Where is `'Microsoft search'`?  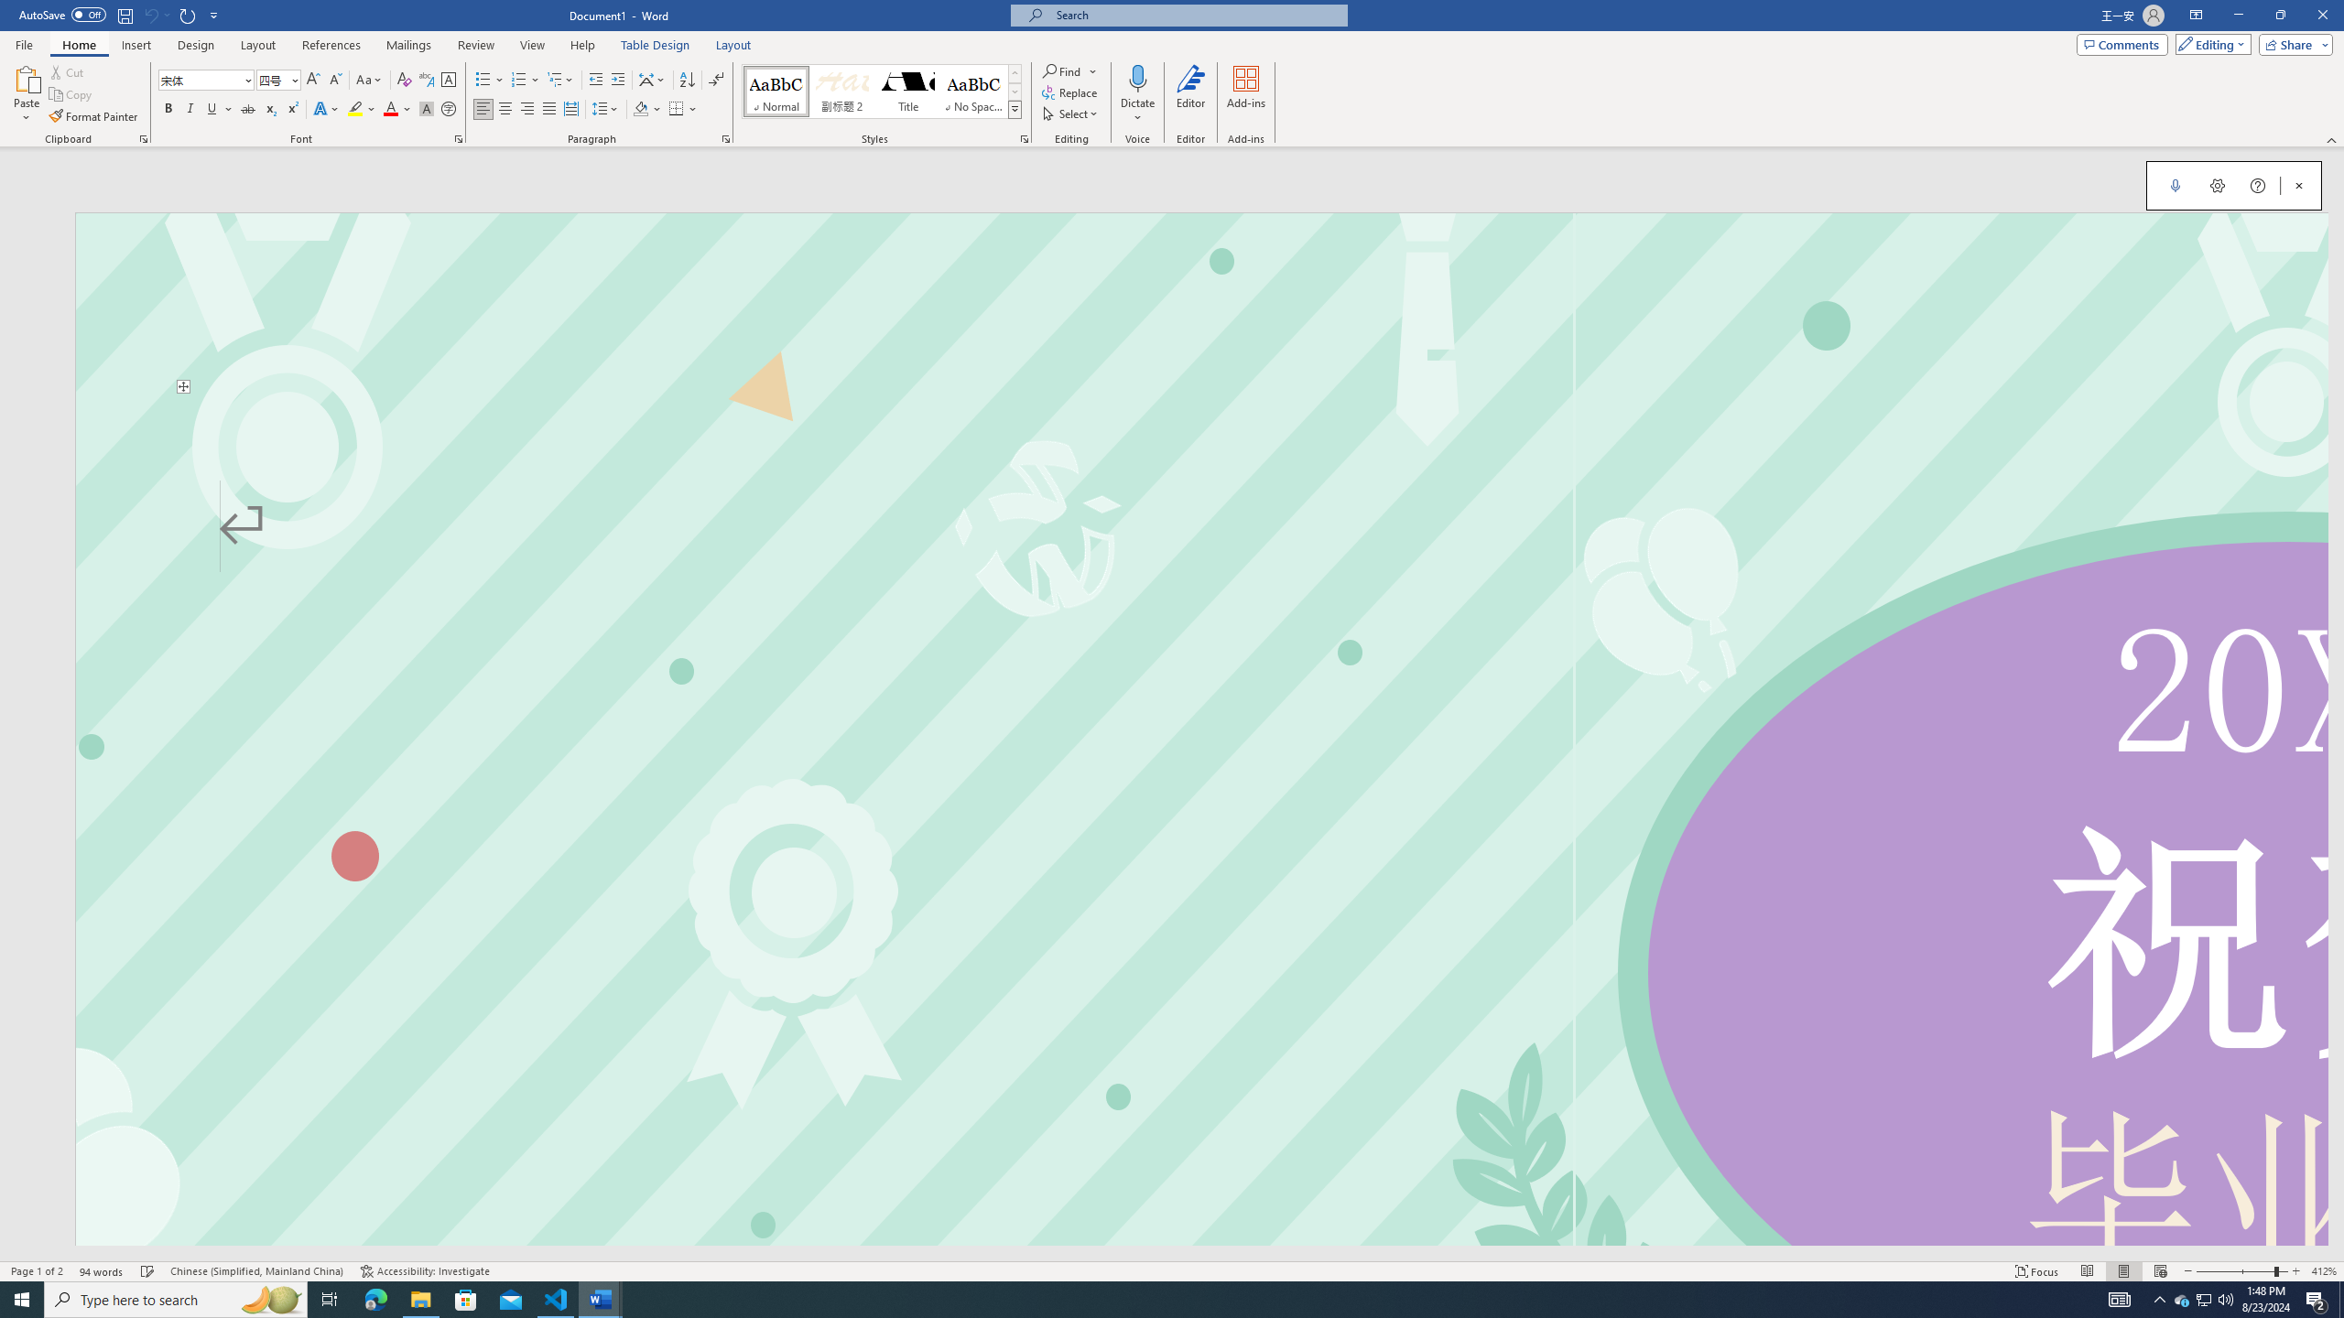 'Microsoft search' is located at coordinates (1194, 15).